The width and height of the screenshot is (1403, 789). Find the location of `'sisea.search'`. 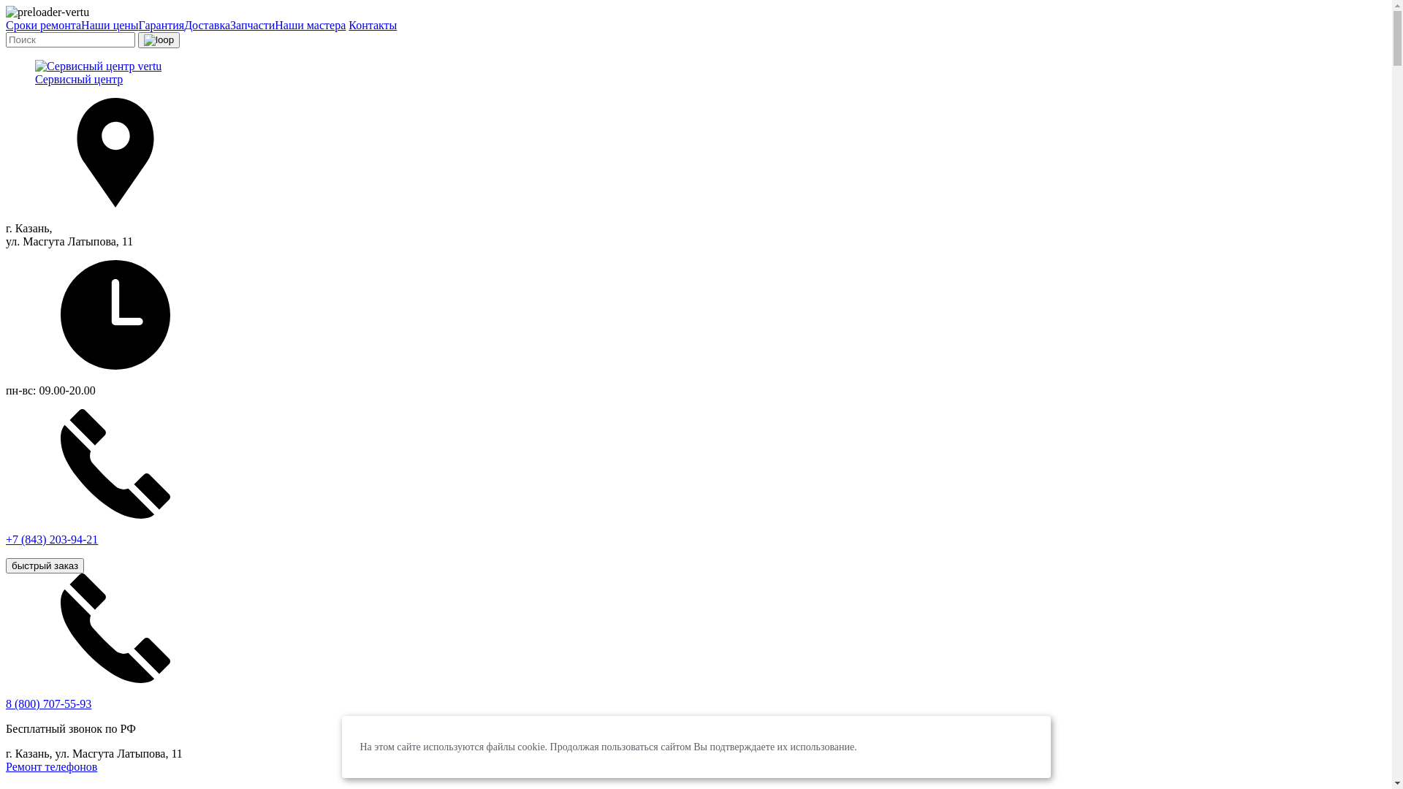

'sisea.search' is located at coordinates (159, 39).